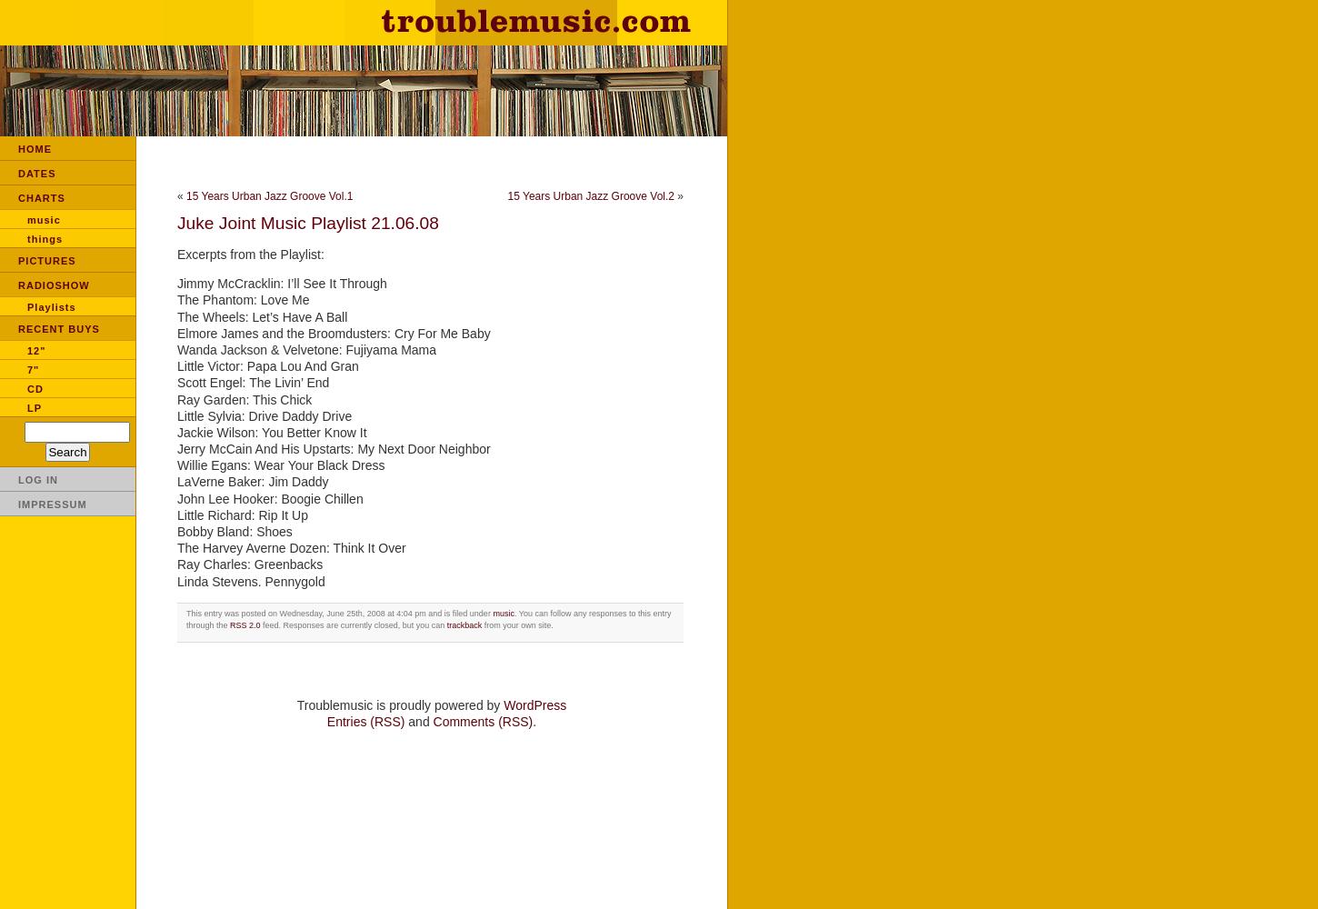 The height and width of the screenshot is (909, 1318). What do you see at coordinates (481, 625) in the screenshot?
I see `'from your own site.'` at bounding box center [481, 625].